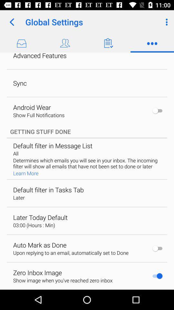 Image resolution: width=174 pixels, height=310 pixels. I want to click on the item below the all icon, so click(87, 163).